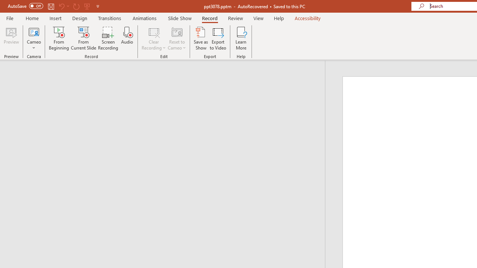  What do you see at coordinates (241, 38) in the screenshot?
I see `'Learn More'` at bounding box center [241, 38].